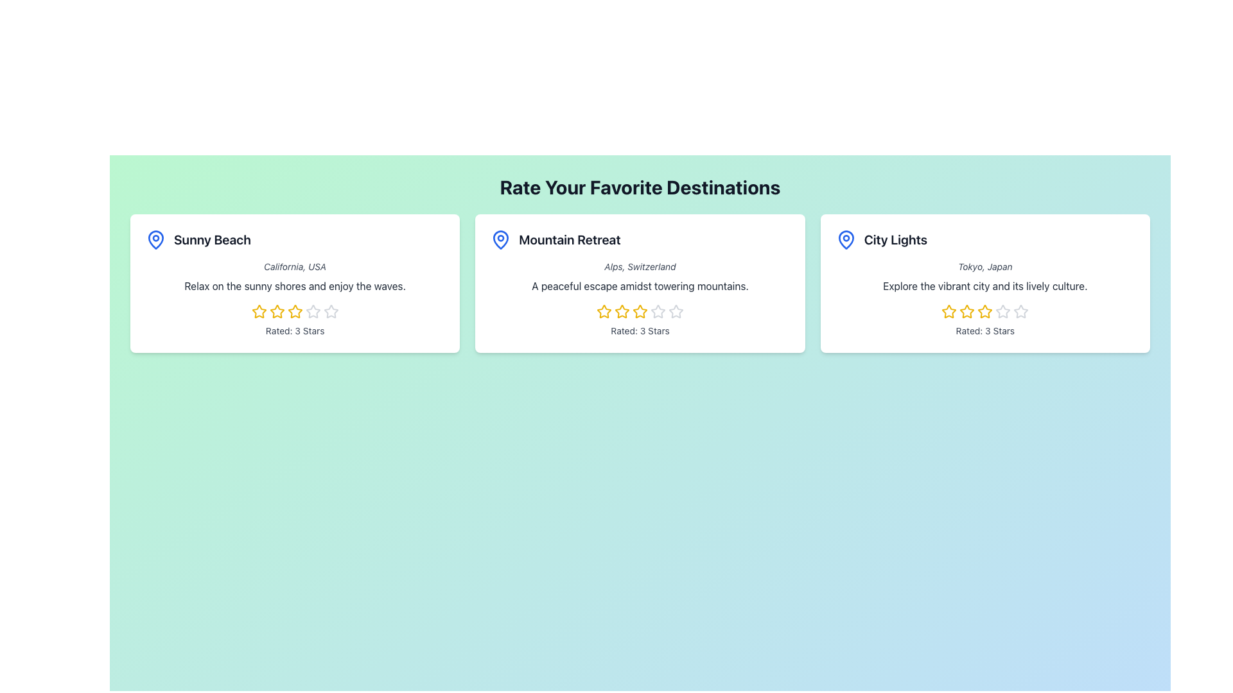 Image resolution: width=1233 pixels, height=693 pixels. Describe the element at coordinates (331, 312) in the screenshot. I see `the fifth star icon used for rating` at that location.